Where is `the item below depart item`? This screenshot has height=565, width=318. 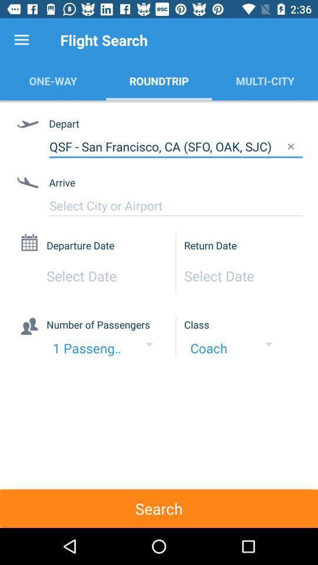
the item below depart item is located at coordinates (175, 146).